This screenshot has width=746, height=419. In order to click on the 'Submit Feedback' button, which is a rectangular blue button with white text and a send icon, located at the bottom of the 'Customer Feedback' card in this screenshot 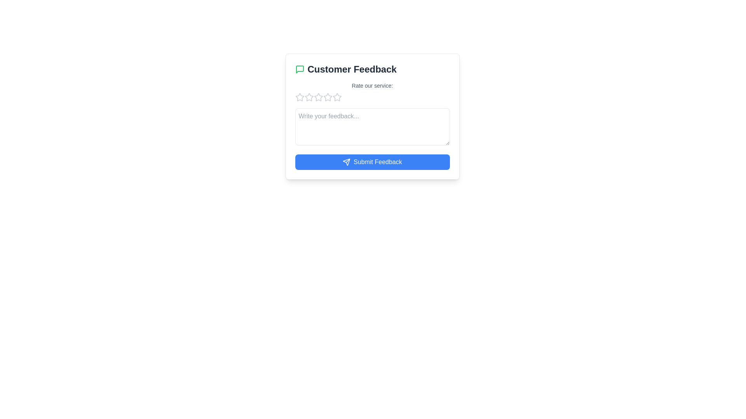, I will do `click(372, 161)`.